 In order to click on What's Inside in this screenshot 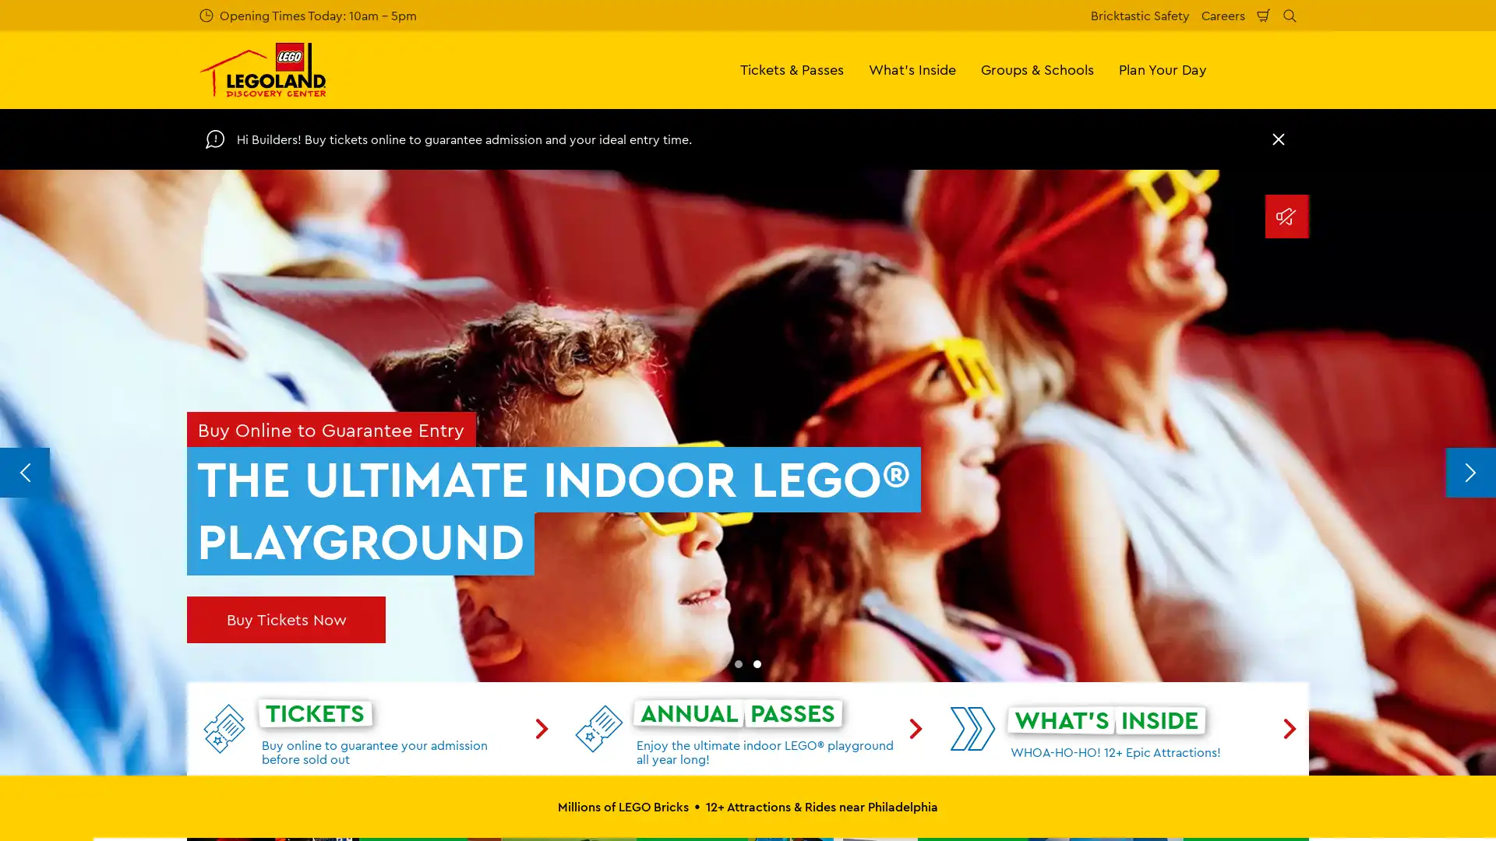, I will do `click(912, 69)`.